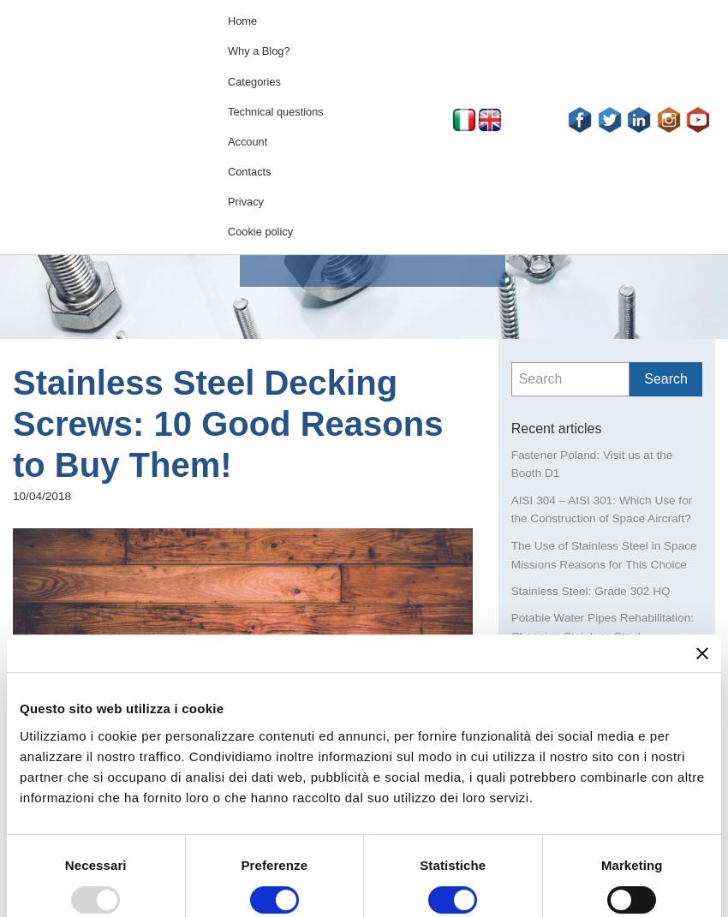  Describe the element at coordinates (226, 422) in the screenshot. I see `'Stainless Steel Decking Screws: 10 Good Reasons to Buy Them!'` at that location.